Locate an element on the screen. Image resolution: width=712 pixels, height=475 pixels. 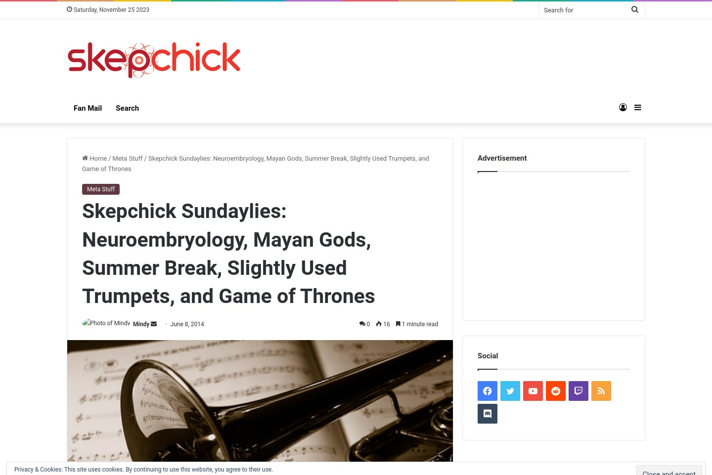
'Social' is located at coordinates (487, 355).